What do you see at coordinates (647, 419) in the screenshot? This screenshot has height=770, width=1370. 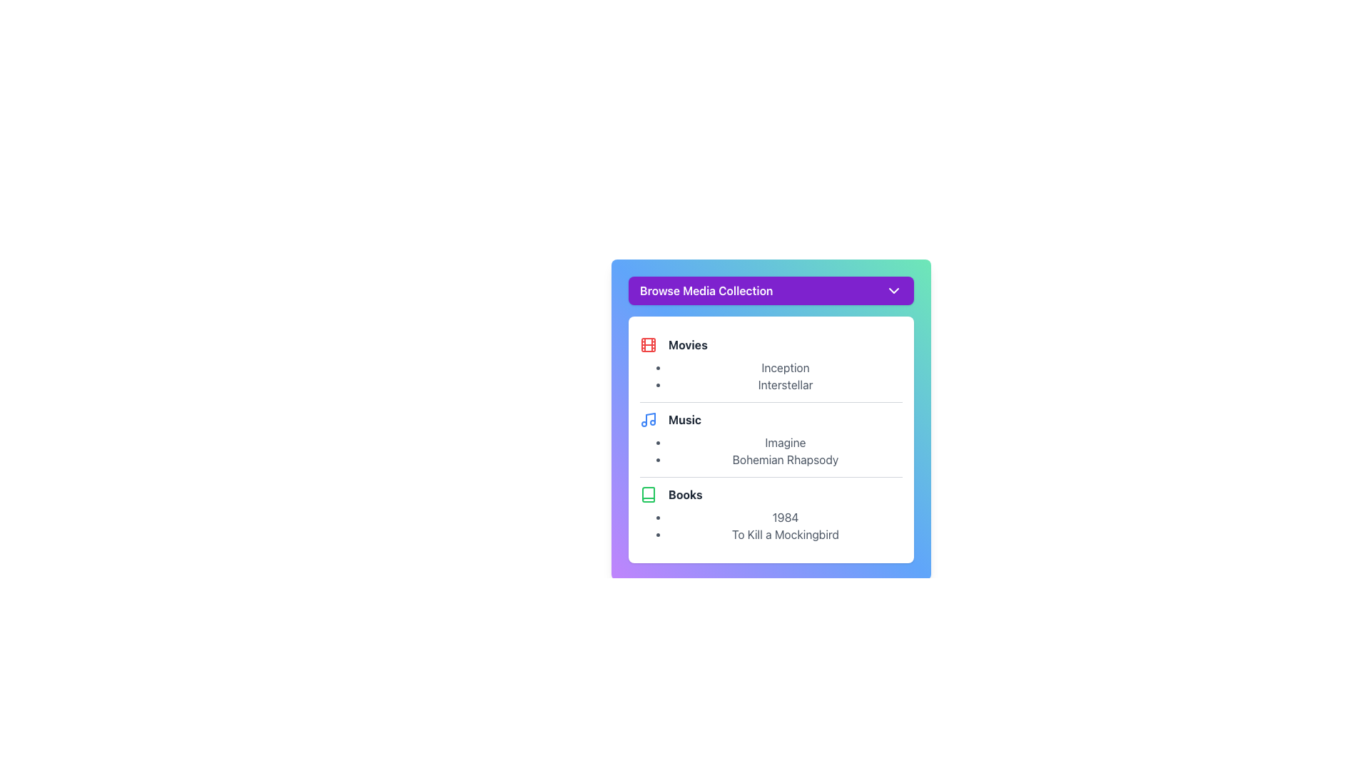 I see `the blue music icon located to the left of the text 'Music'` at bounding box center [647, 419].